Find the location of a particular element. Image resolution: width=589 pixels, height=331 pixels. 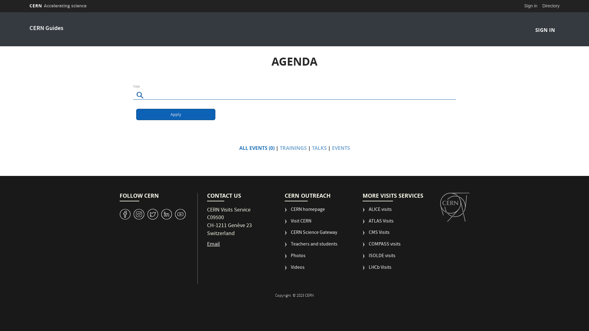

'CERN homepage' is located at coordinates (305, 212).